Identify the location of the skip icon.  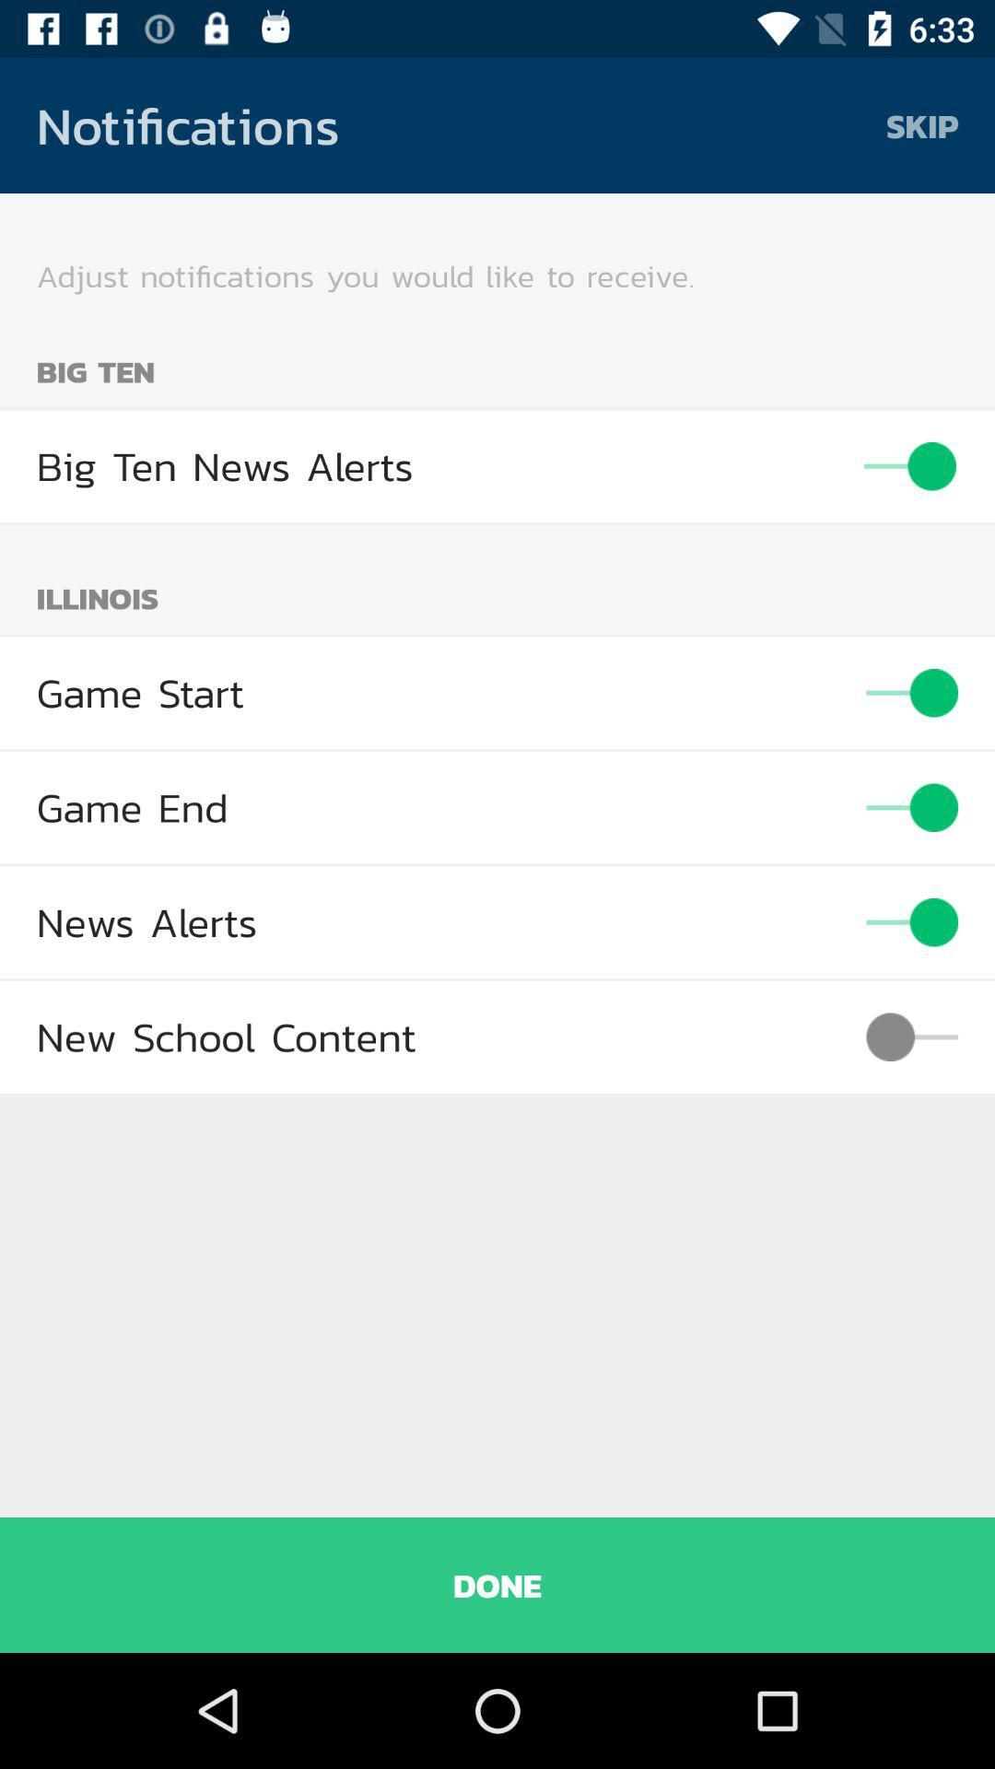
(922, 124).